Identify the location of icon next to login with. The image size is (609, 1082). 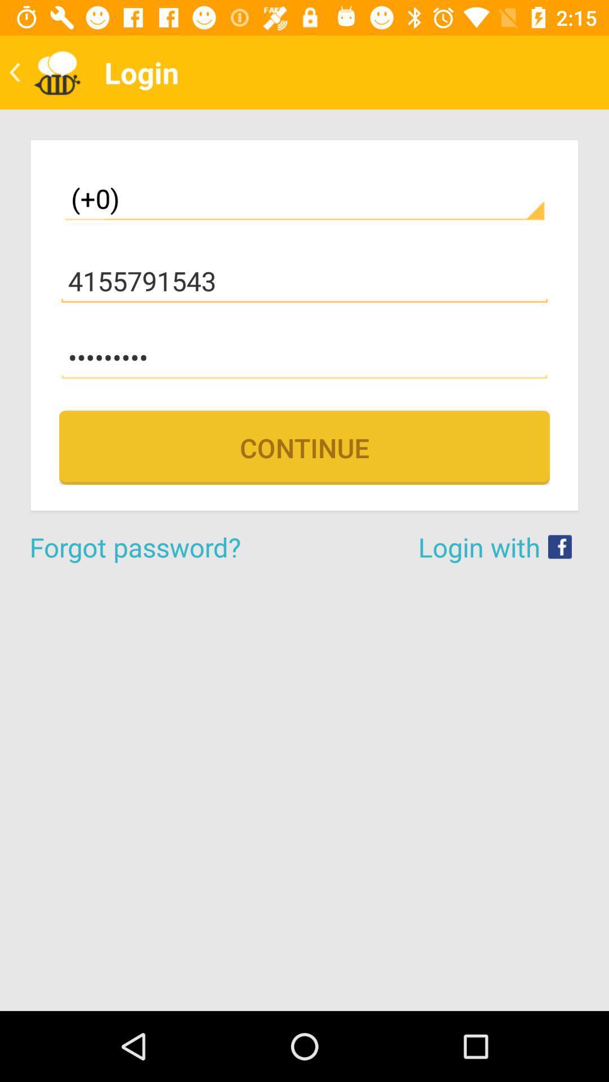
(167, 547).